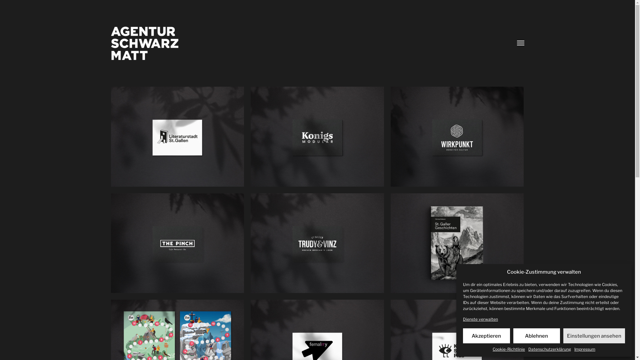 The height and width of the screenshot is (360, 640). I want to click on 'Ablehnen', so click(513, 336).